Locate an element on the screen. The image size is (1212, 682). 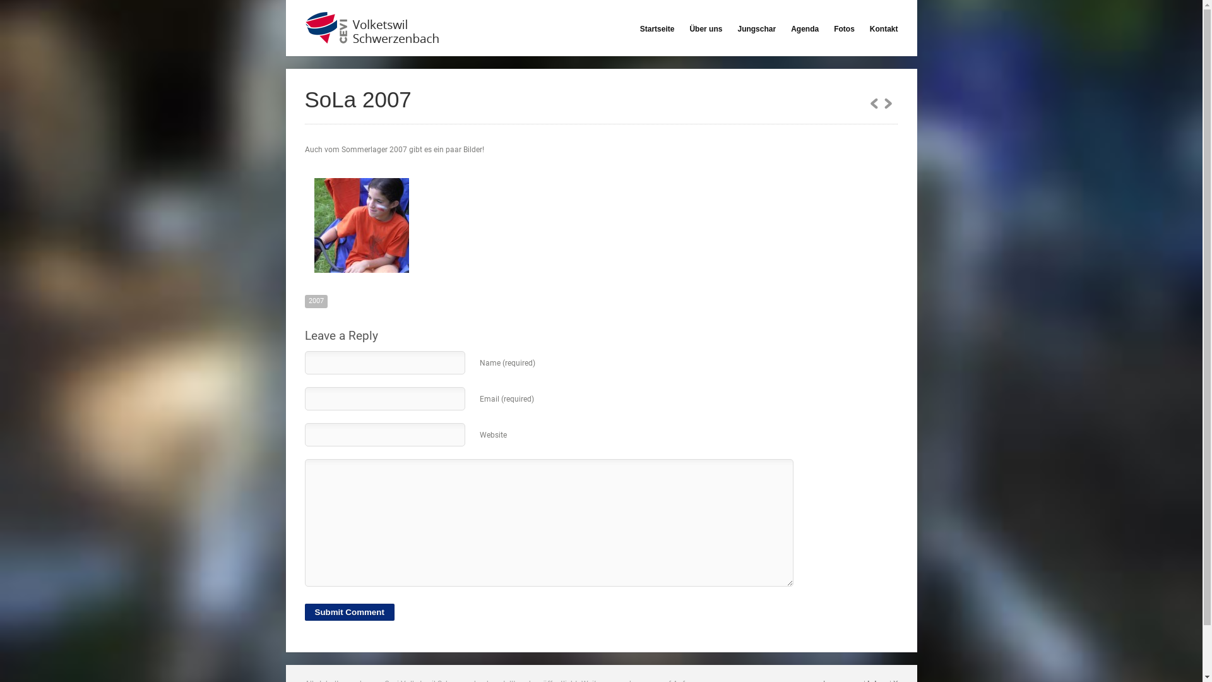
'sola (165)' is located at coordinates (360, 225).